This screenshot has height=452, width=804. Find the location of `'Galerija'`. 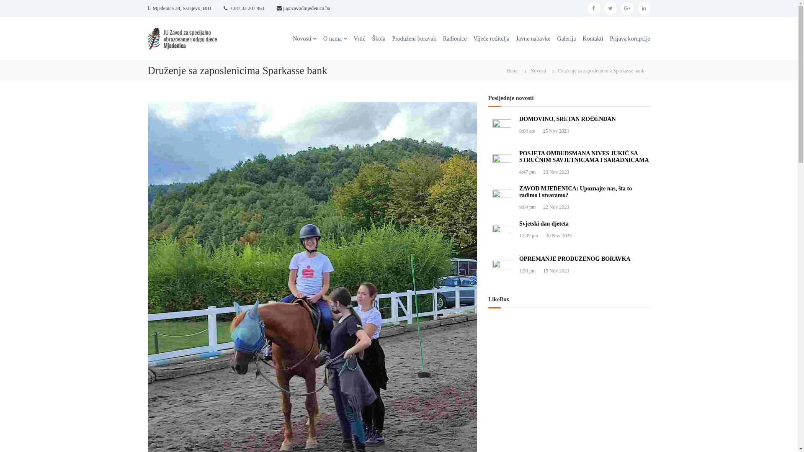

'Galerija' is located at coordinates (566, 38).